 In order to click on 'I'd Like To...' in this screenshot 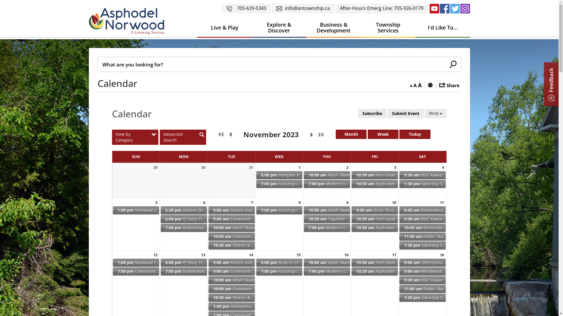, I will do `click(415, 28)`.